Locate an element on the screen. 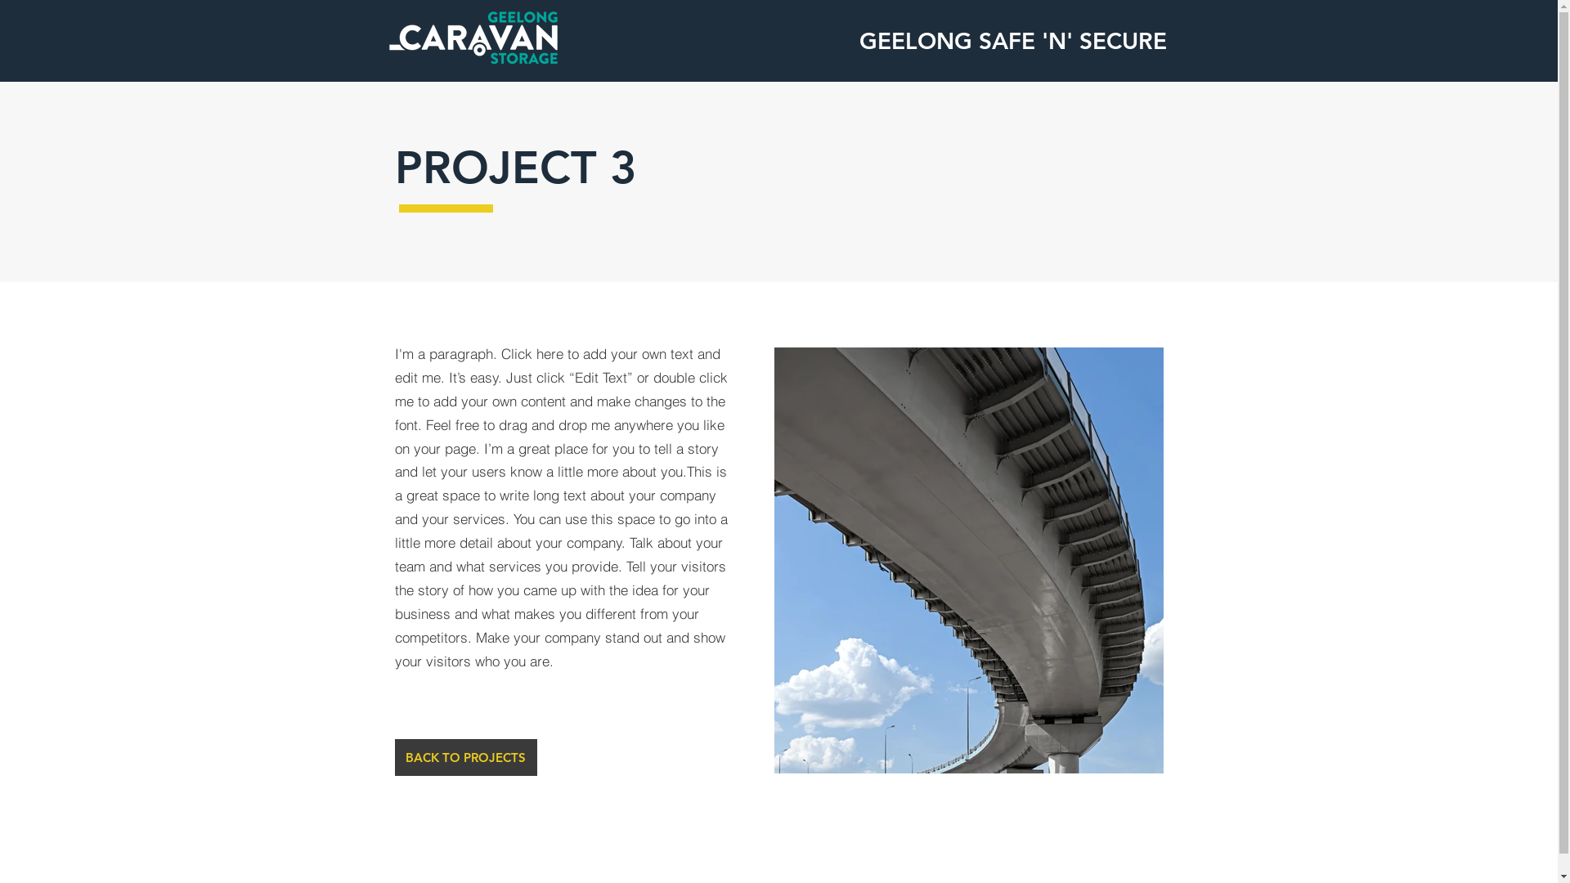  'BACK TO PROJECTS' is located at coordinates (464, 757).